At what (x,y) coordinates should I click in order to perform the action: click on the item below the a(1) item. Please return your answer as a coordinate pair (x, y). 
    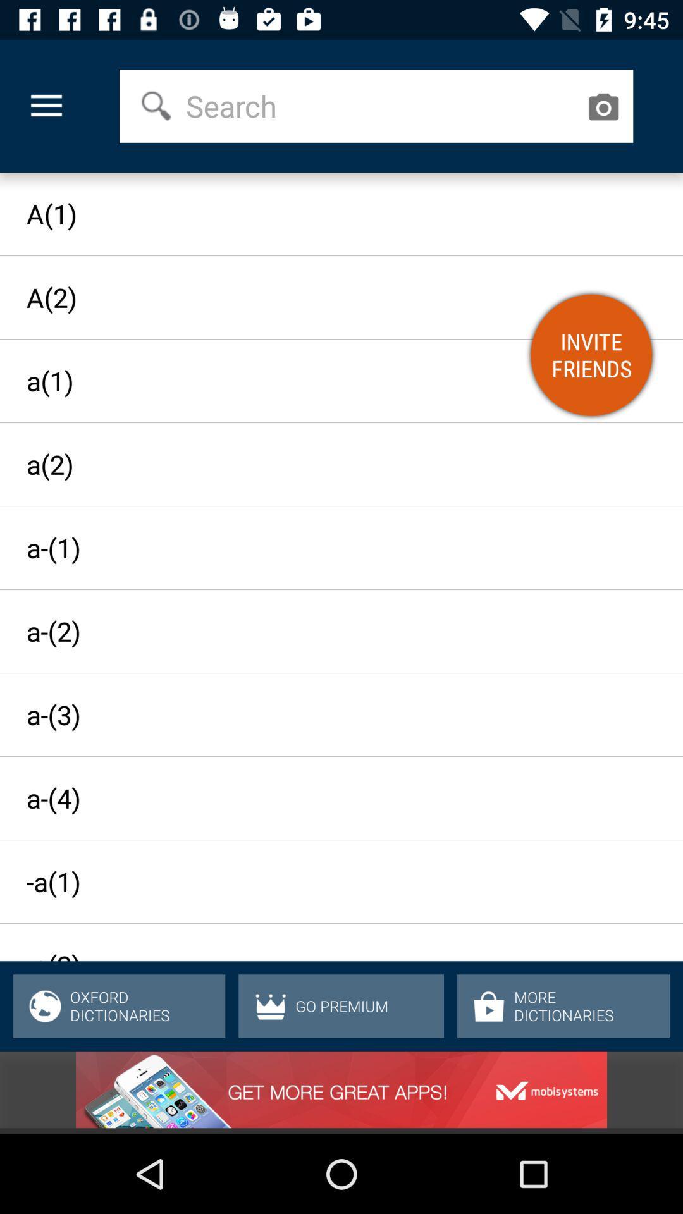
    Looking at the image, I should click on (591, 354).